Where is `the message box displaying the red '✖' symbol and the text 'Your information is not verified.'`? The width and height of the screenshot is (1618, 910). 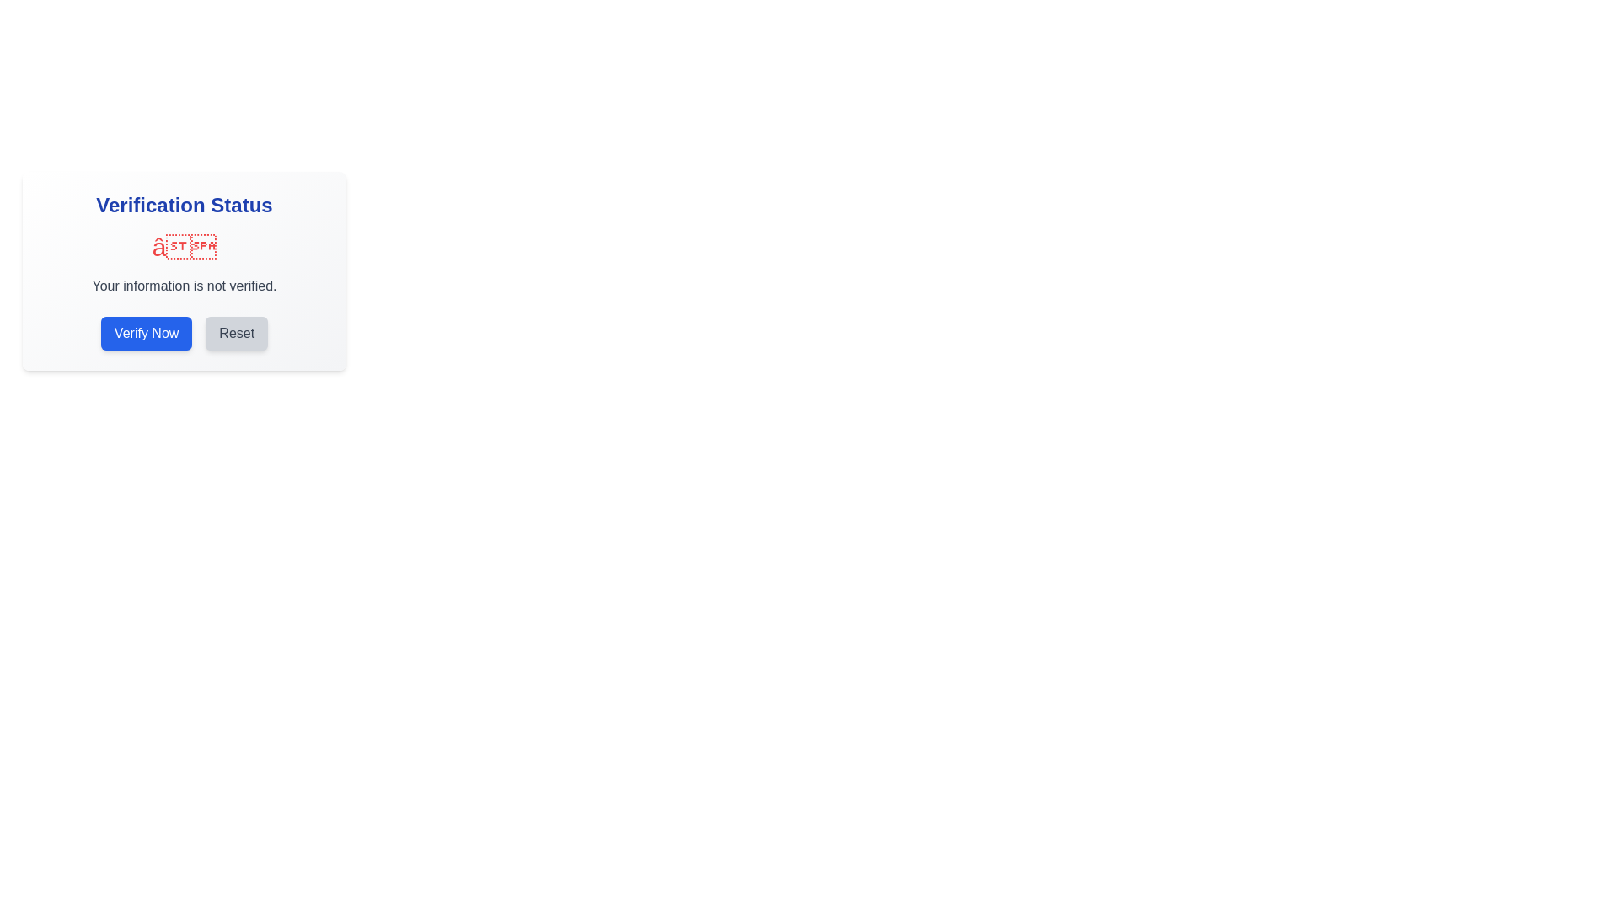 the message box displaying the red '✖' symbol and the text 'Your information is not verified.' is located at coordinates (185, 264).